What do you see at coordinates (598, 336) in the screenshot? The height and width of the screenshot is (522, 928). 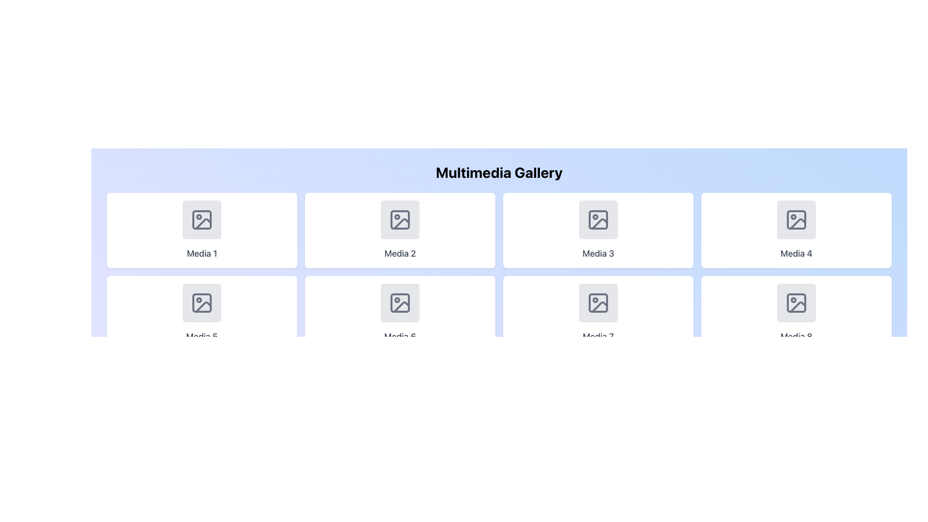 I see `text content of the label displaying 'Media 7', which is styled with a medium-sized font and gray color, located below an image placeholder in the third card of the second row of a multimedia gallery` at bounding box center [598, 336].